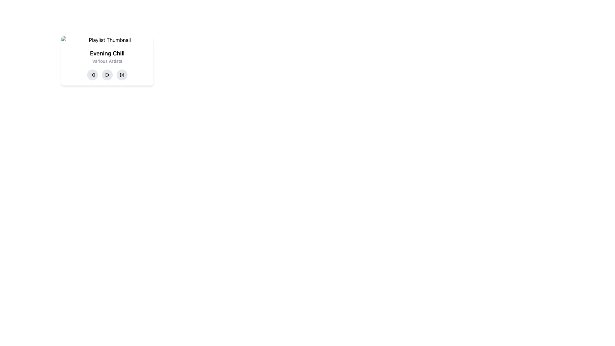 The height and width of the screenshot is (346, 615). Describe the element at coordinates (122, 75) in the screenshot. I see `the circular skip-forward button with a light gray background located to the right of the 'Evening Chill' text to skip to the next track` at that location.